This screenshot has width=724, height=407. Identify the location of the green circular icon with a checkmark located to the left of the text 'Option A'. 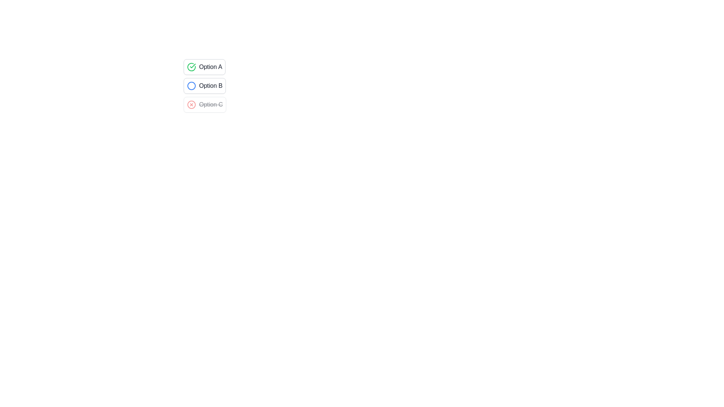
(192, 66).